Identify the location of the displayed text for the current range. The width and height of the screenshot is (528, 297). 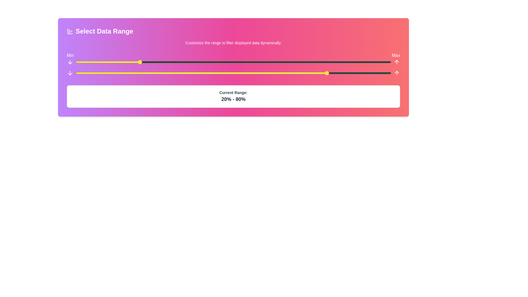
(233, 99).